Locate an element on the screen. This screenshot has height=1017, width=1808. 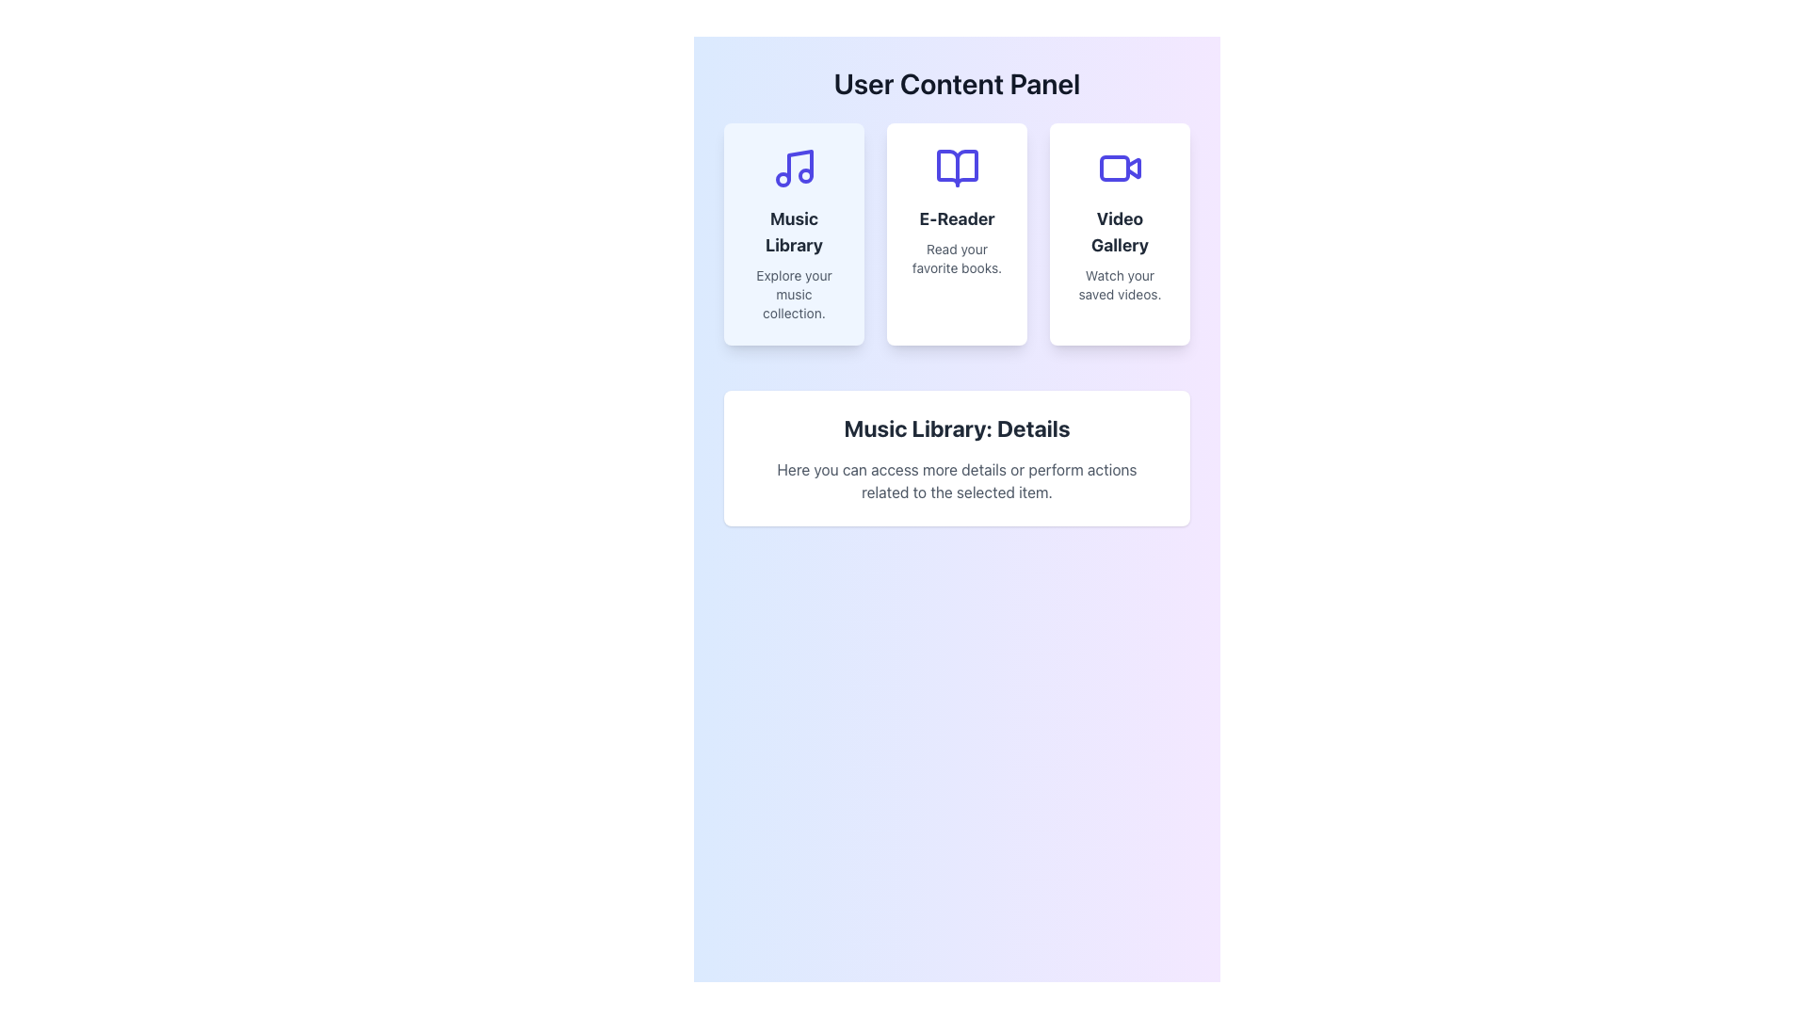
the 'Music Library' text label, which serves as a heading for the section detailing the Music Library and is located in the center of the interface, above the descriptive text is located at coordinates (957, 428).